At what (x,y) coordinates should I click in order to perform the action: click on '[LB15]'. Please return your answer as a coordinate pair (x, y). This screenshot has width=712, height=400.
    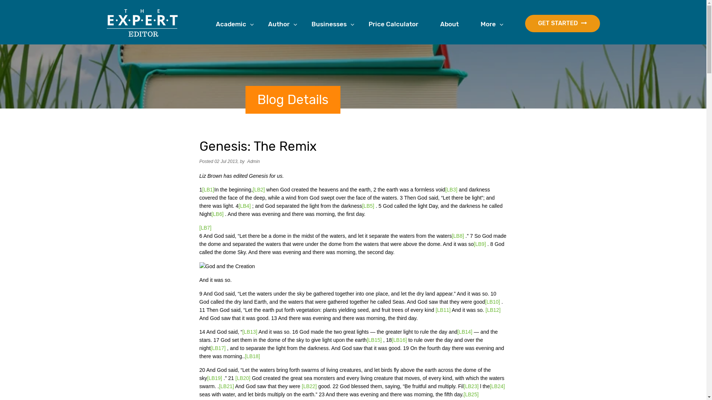
    Looking at the image, I should click on (366, 340).